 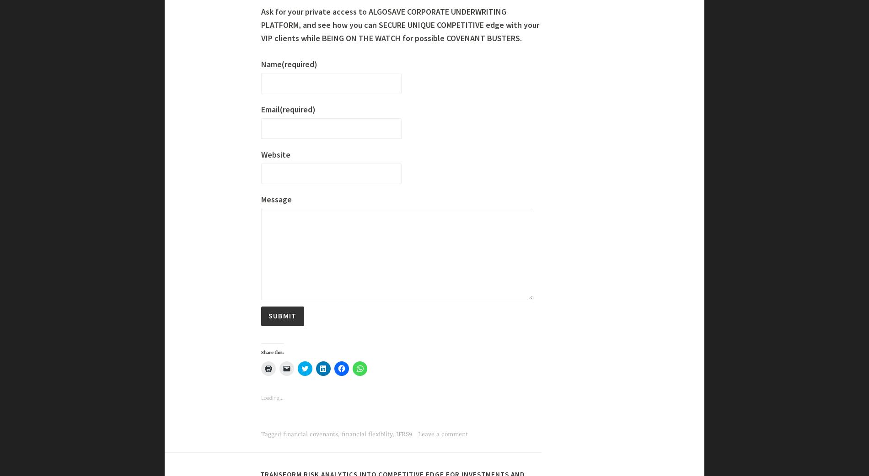 What do you see at coordinates (310, 127) in the screenshot?
I see `'Indeed, under IFRS9 rules, a breach of covenant triggers an immediate move from 12-month ECL – Stage1 – to lifetime ECL – Stage2.'` at bounding box center [310, 127].